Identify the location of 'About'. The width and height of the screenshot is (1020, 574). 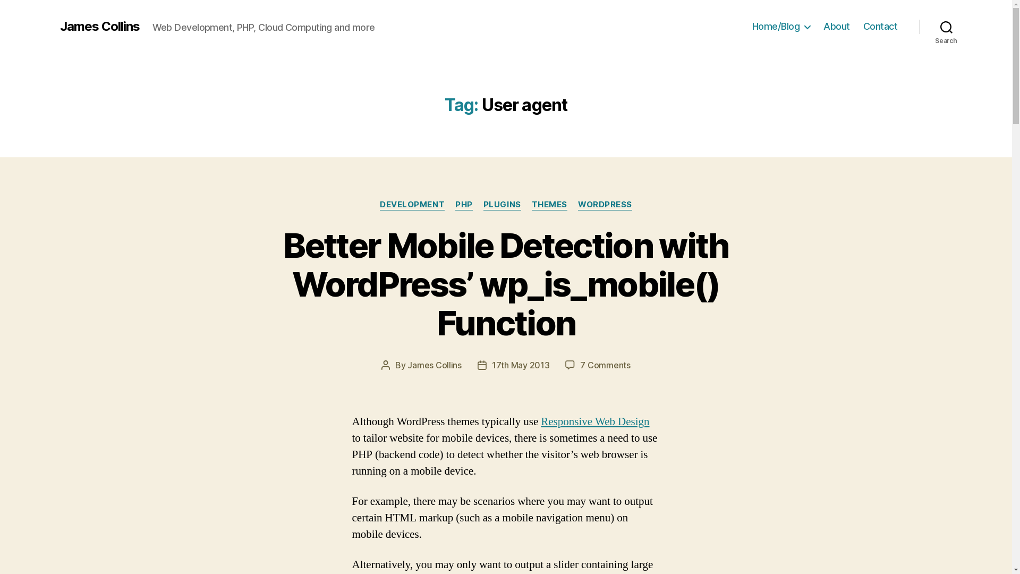
(836, 26).